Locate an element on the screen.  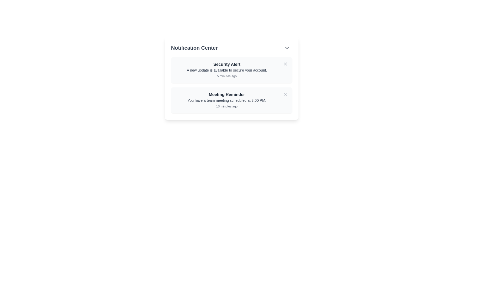
the button with a downward-pointing chevron in the top-right corner of the 'Notification Center' section to observe the hover effect is located at coordinates (287, 48).